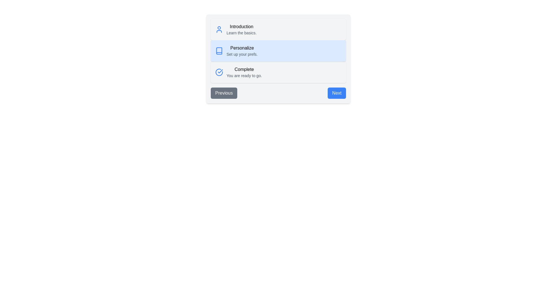  I want to click on the Previous button to navigate the steps, so click(224, 93).